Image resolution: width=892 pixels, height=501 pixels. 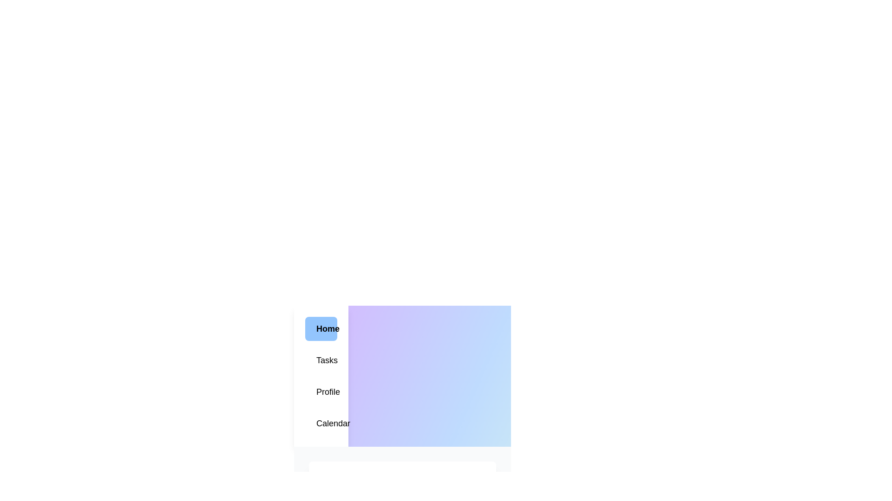 I want to click on the menu item Profile to observe its hover effect, so click(x=321, y=392).